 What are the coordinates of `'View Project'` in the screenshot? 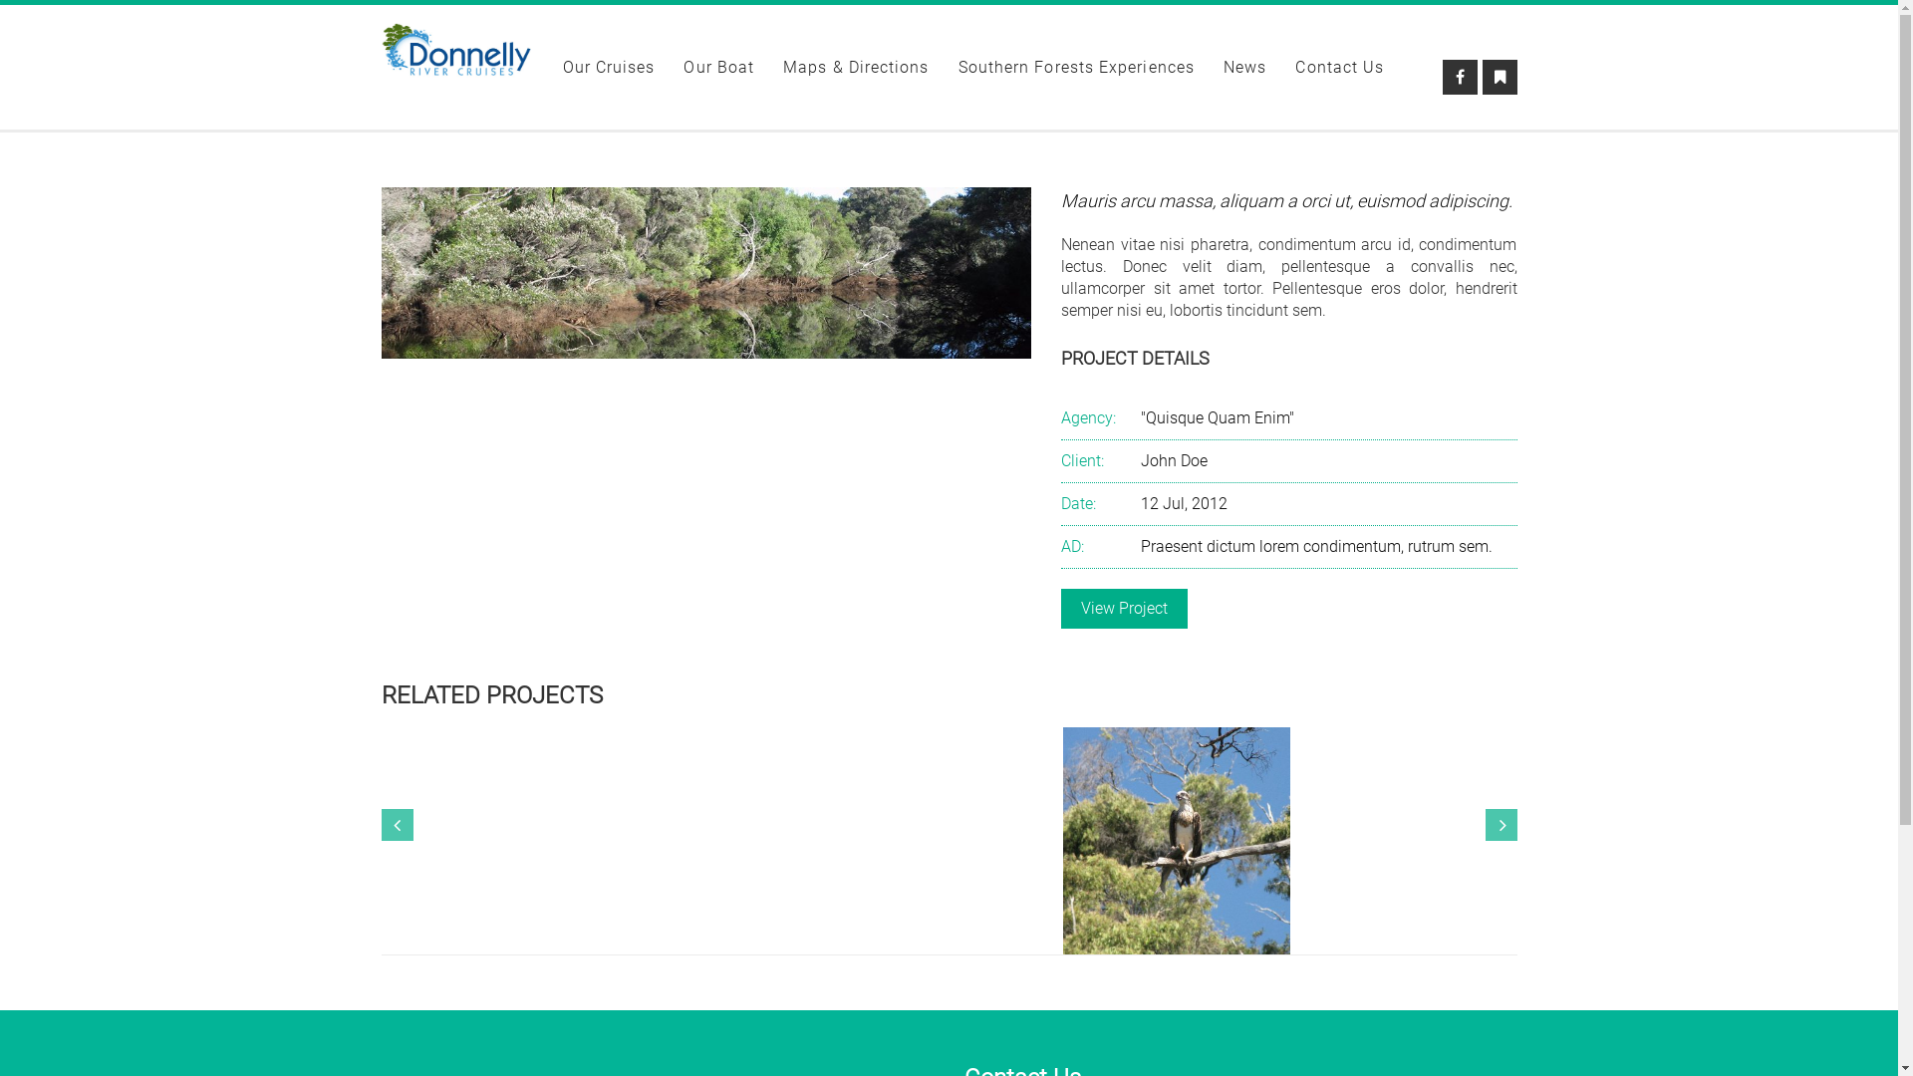 It's located at (1124, 607).